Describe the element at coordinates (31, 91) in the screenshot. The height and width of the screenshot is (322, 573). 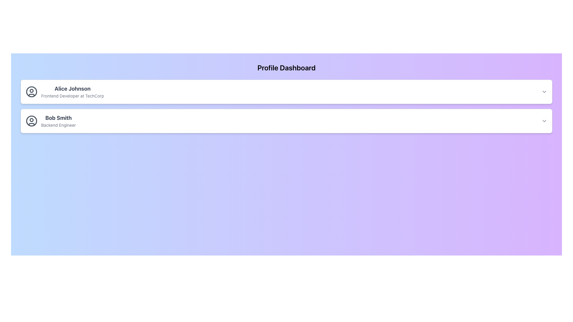
I see `the decorative circle element within the profile photo icon of 'Alice Johnson', located at the top-middle of the circular icon` at that location.